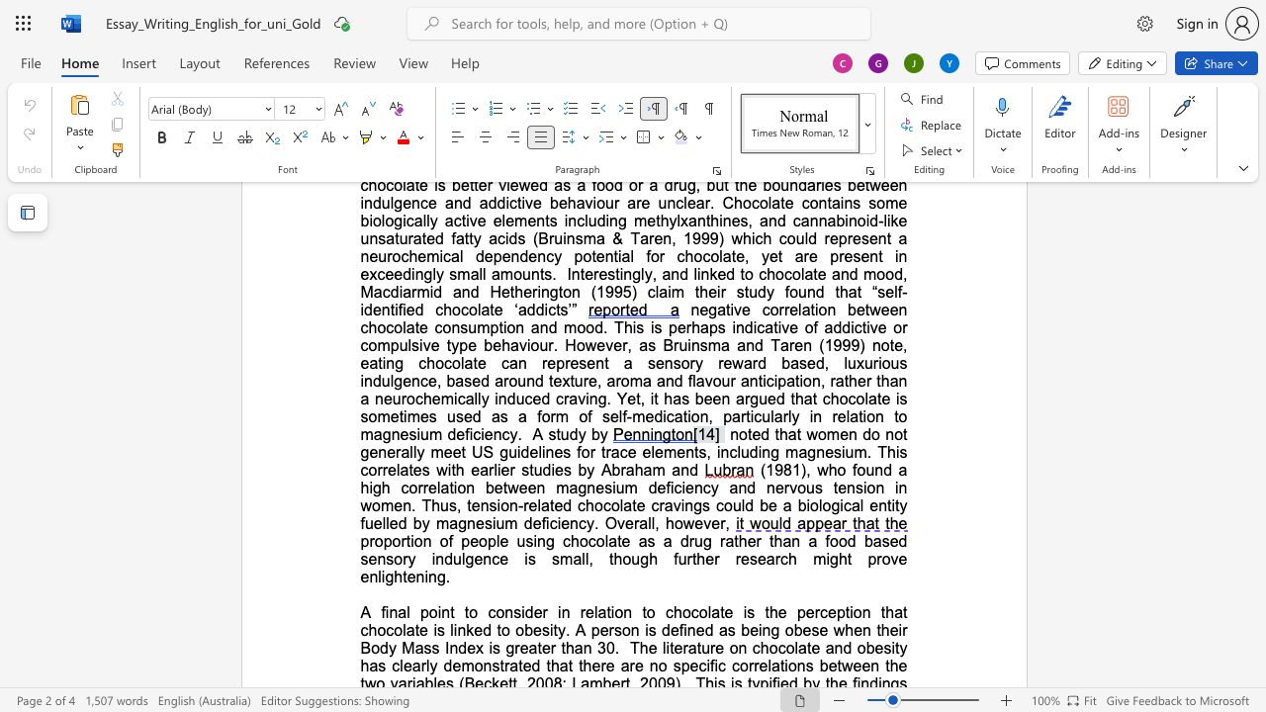  What do you see at coordinates (568, 433) in the screenshot?
I see `the space between the continuous character "u" and "d" in the text` at bounding box center [568, 433].